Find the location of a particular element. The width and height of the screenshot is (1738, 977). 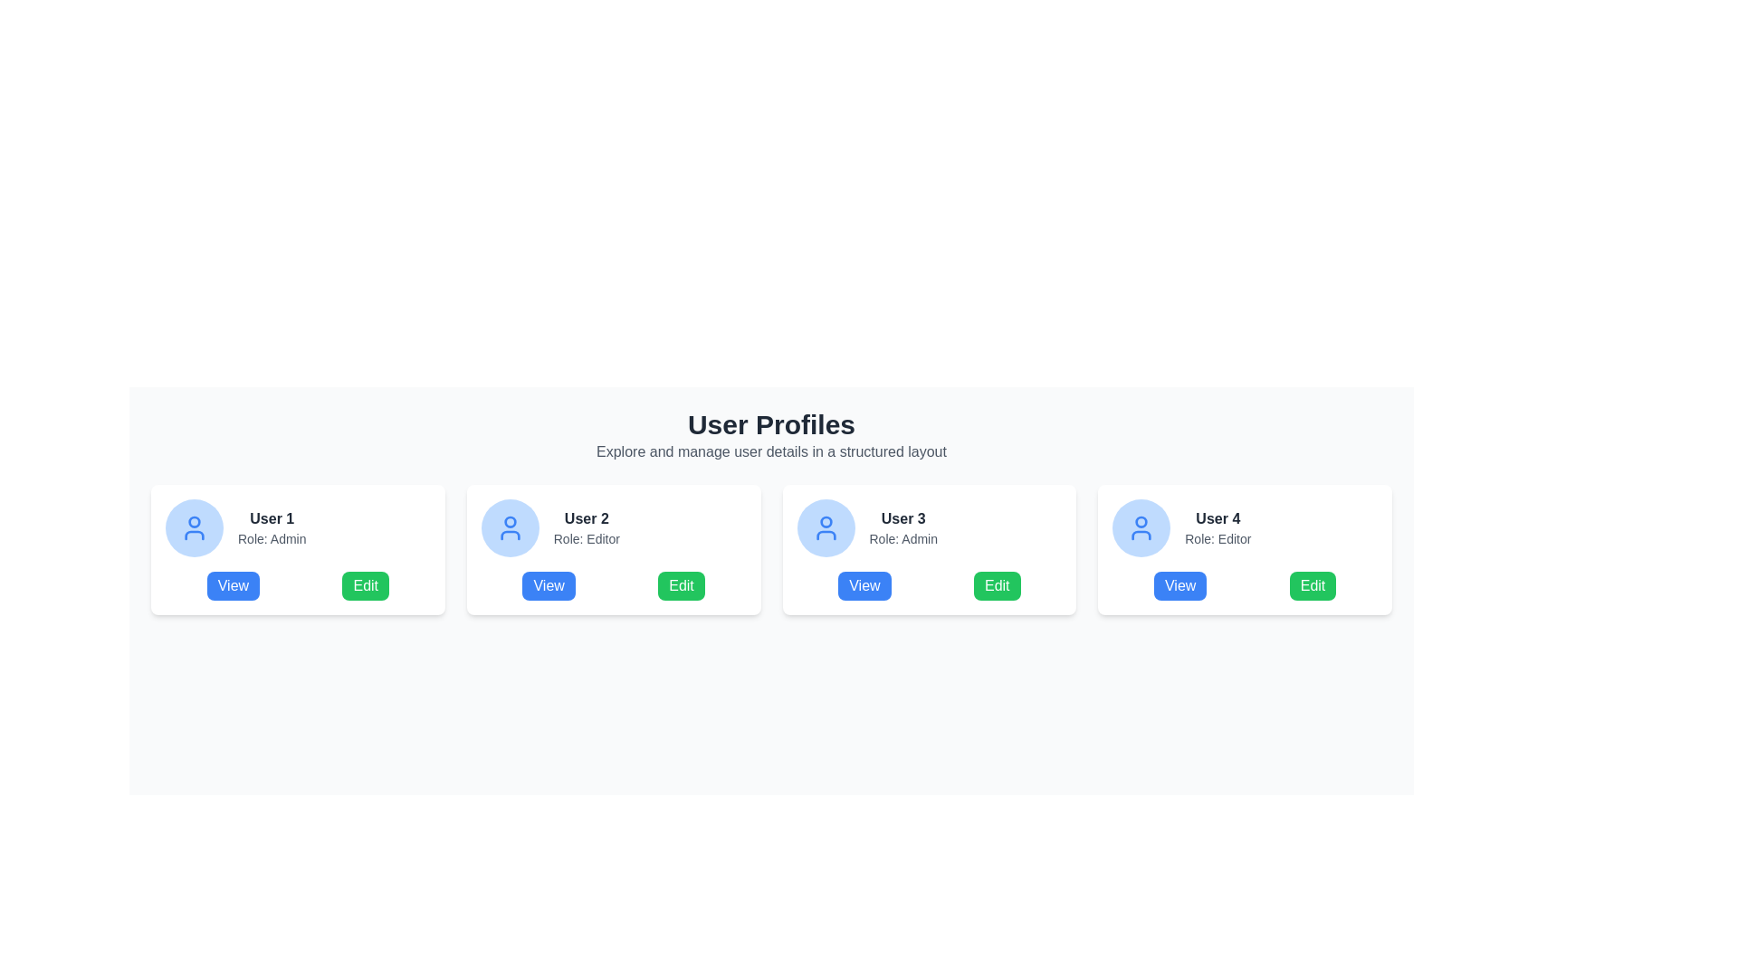

text content of the header titled 'User Profiles' and its description 'Explore and manage user details in a structured layout' is located at coordinates (771, 436).